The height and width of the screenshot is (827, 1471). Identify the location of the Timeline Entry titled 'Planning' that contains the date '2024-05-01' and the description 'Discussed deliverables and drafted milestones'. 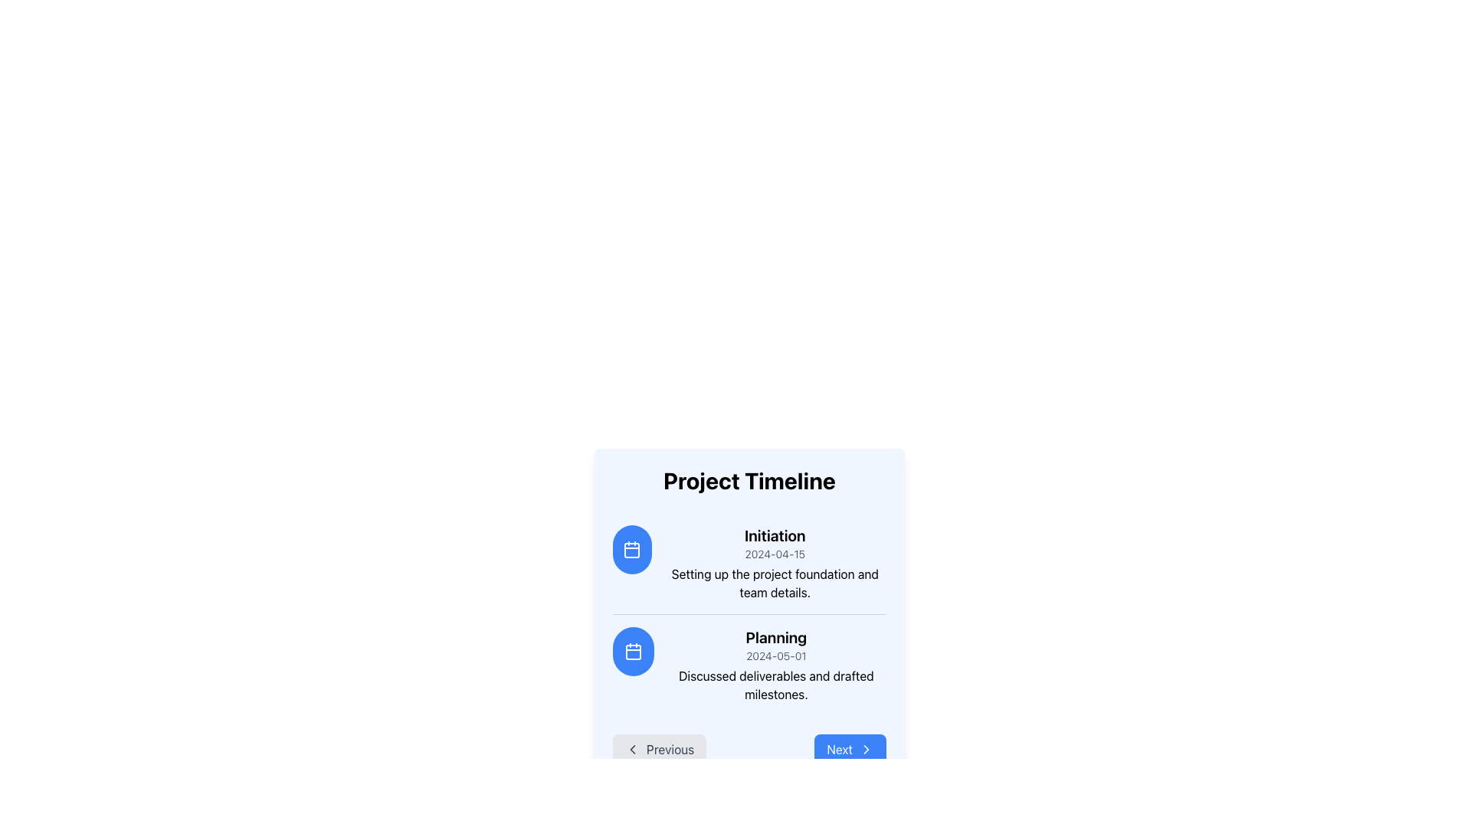
(749, 664).